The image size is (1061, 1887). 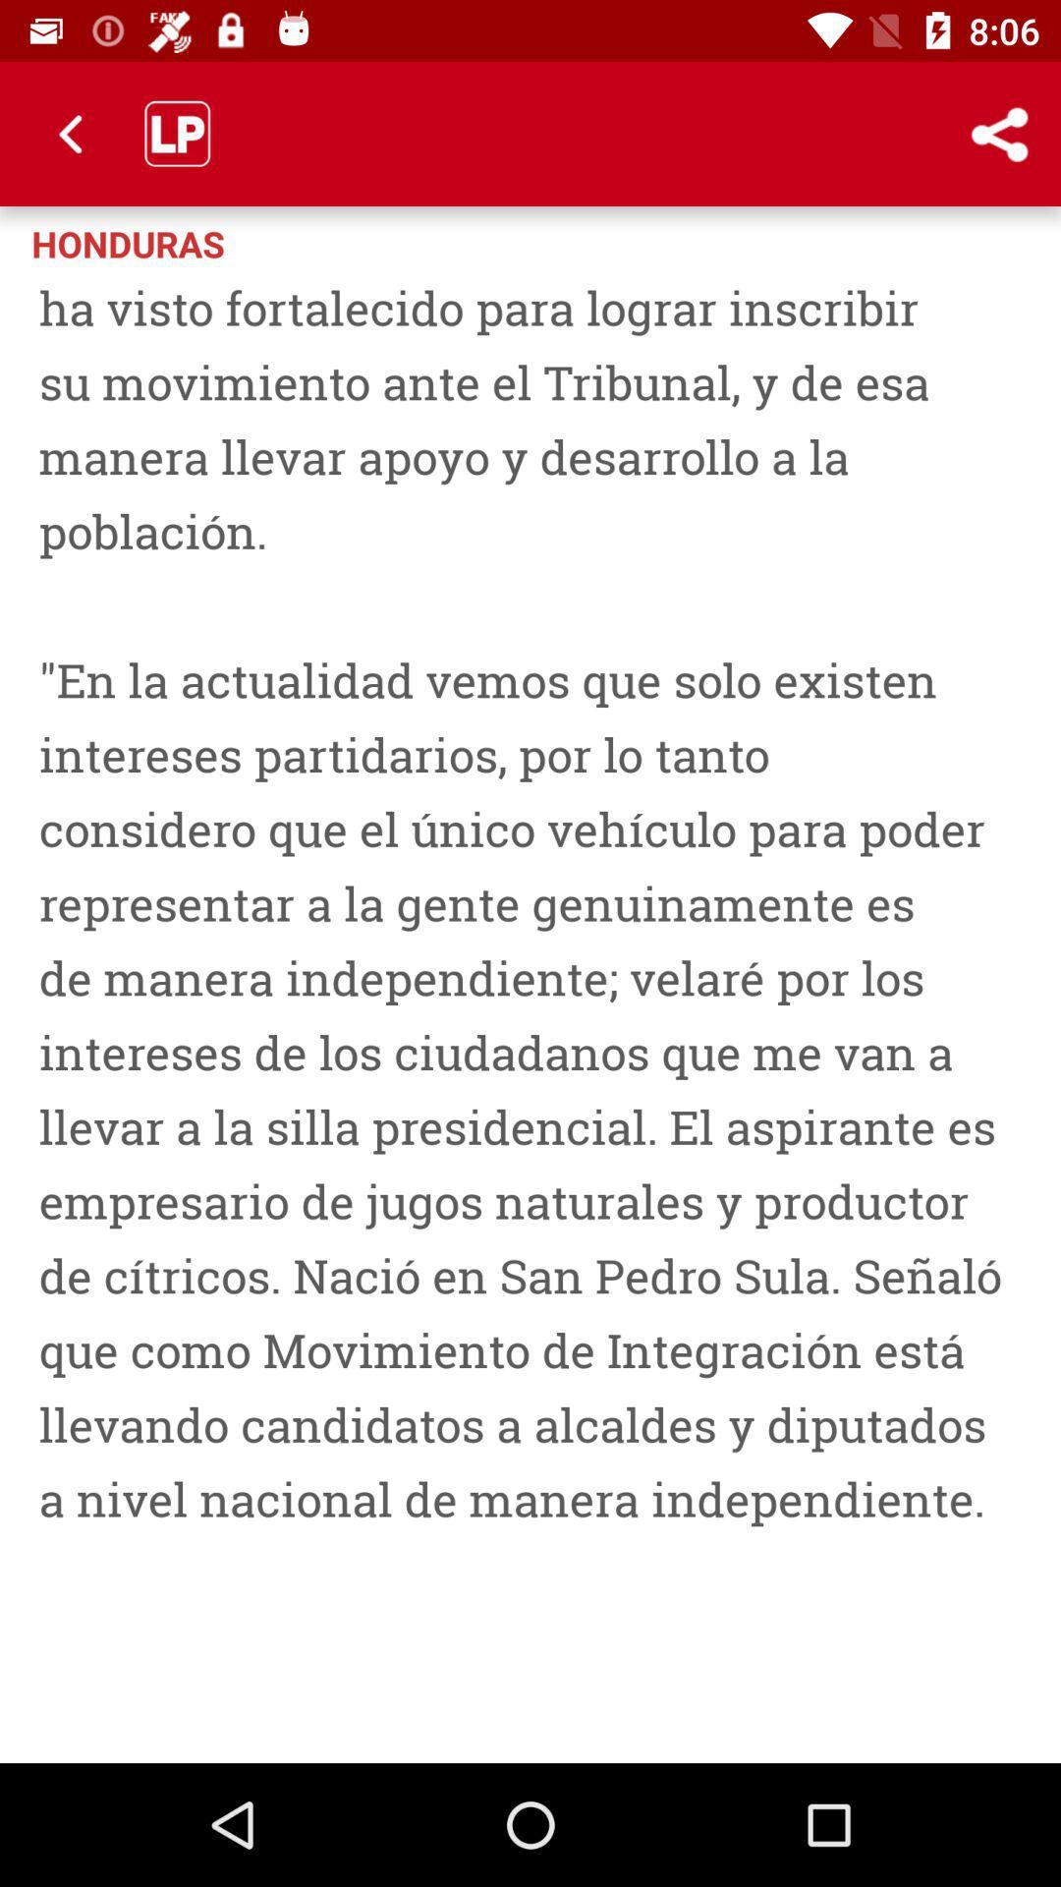 I want to click on the item next to honduras item, so click(x=919, y=241).